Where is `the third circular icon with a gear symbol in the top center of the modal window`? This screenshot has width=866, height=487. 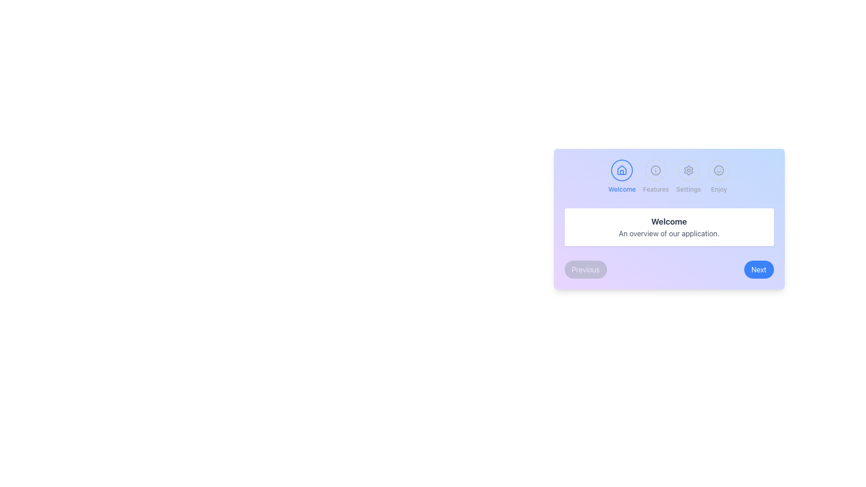
the third circular icon with a gear symbol in the top center of the modal window is located at coordinates (688, 170).